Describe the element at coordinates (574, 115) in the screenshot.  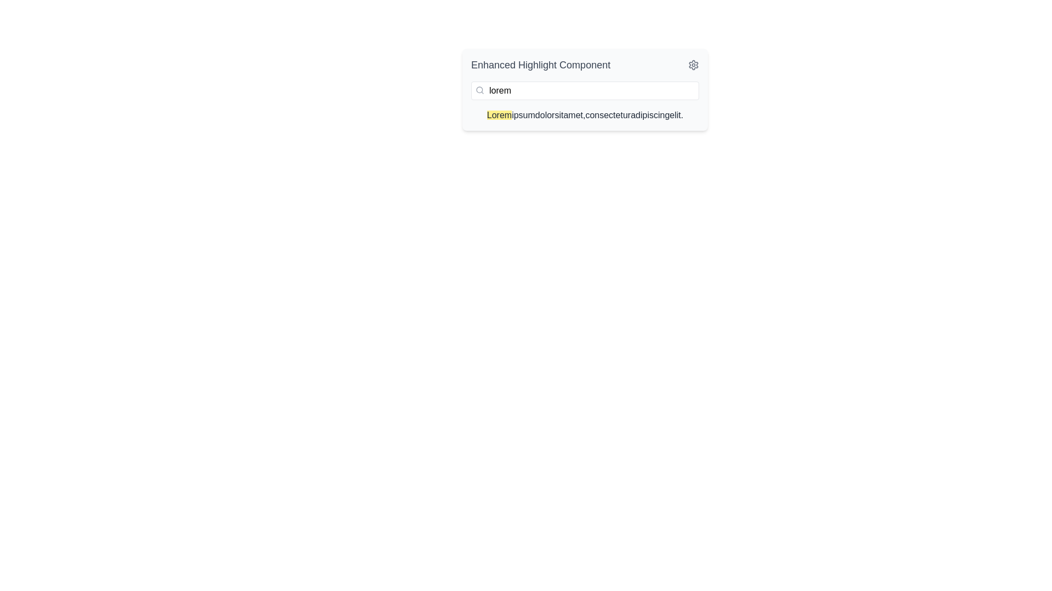
I see `the static text element displaying 'amet,' which is part of a broader text string in the 'Enhanced Highlight Component' UI` at that location.